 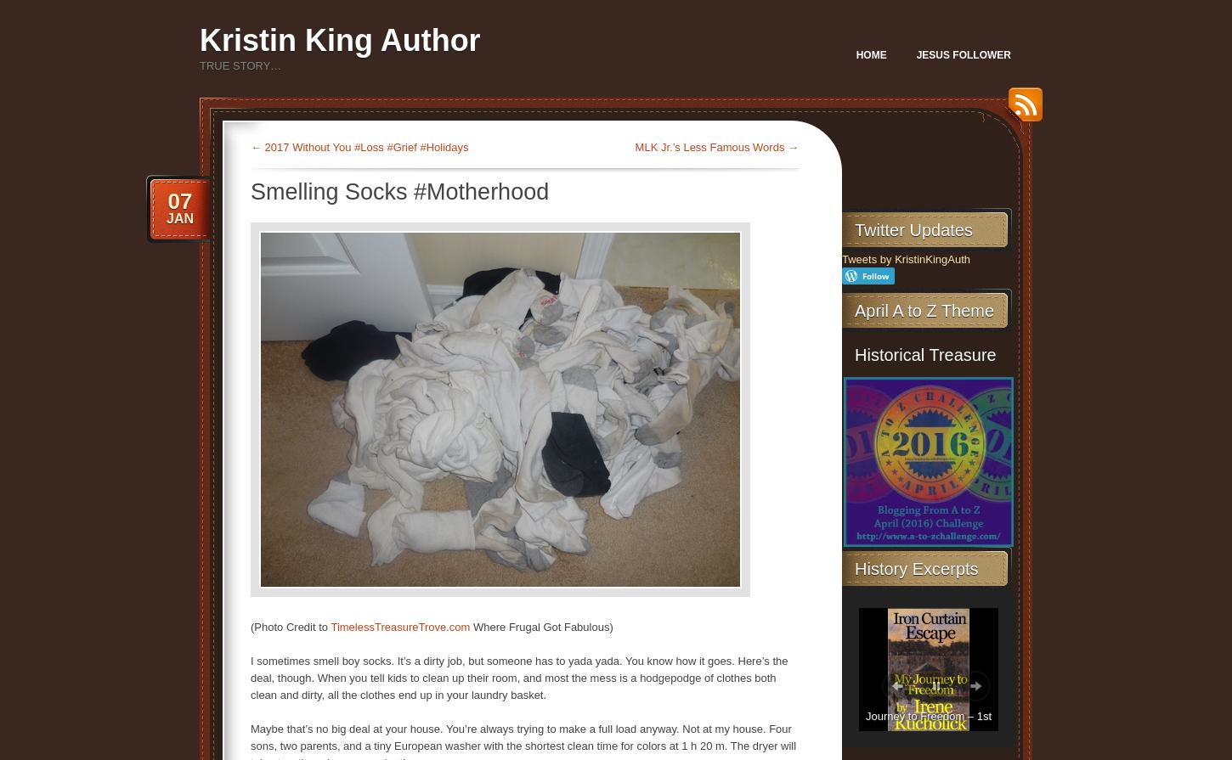 What do you see at coordinates (291, 626) in the screenshot?
I see `'(Photo Credit to'` at bounding box center [291, 626].